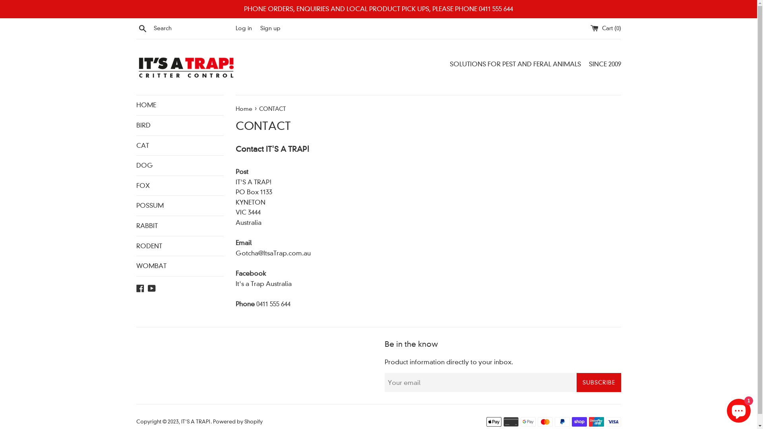  Describe the element at coordinates (179, 165) in the screenshot. I see `'DOG'` at that location.